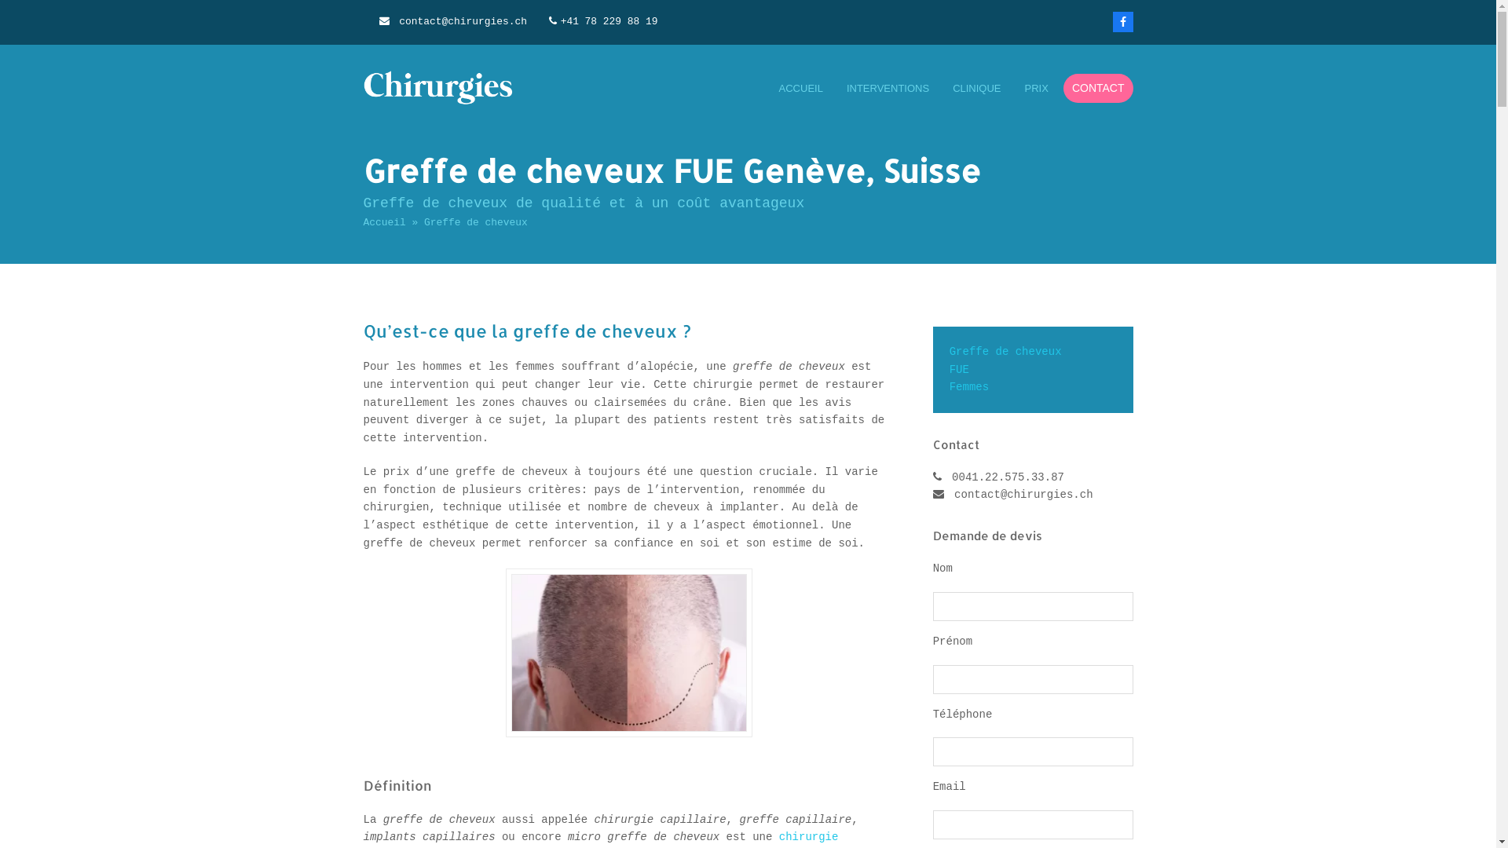 This screenshot has width=1508, height=848. Describe the element at coordinates (888, 88) in the screenshot. I see `'INTERVENTIONS'` at that location.